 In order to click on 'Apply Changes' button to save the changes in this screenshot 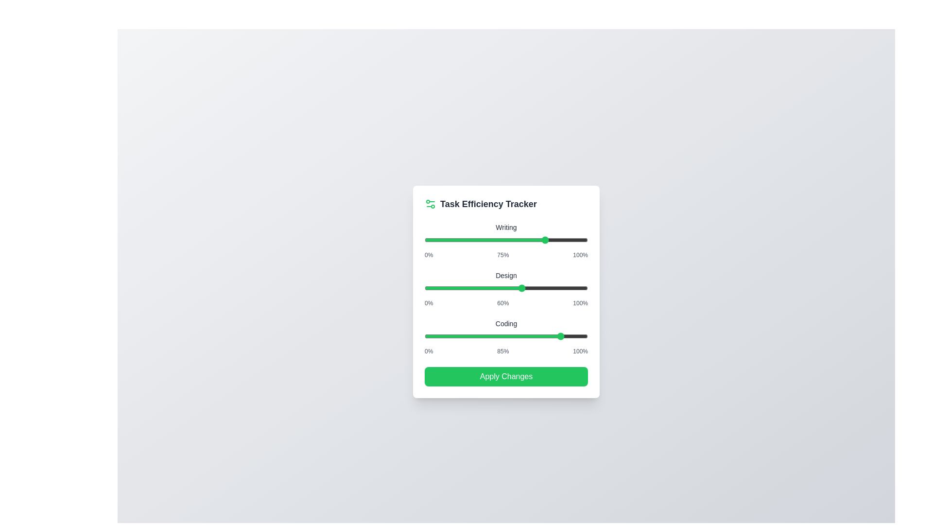, I will do `click(505, 376)`.